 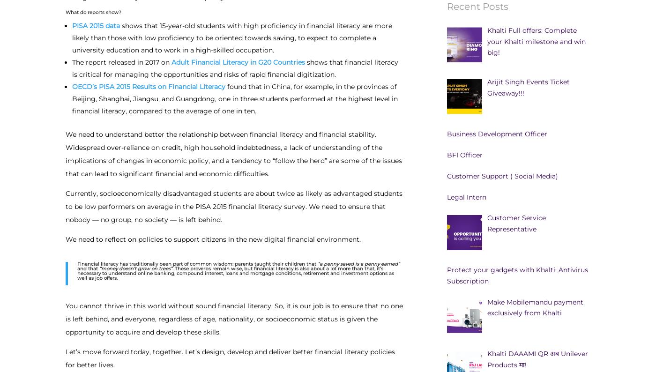 I want to click on 'Adult Financial Literacy in G20 Countries', so click(x=238, y=61).